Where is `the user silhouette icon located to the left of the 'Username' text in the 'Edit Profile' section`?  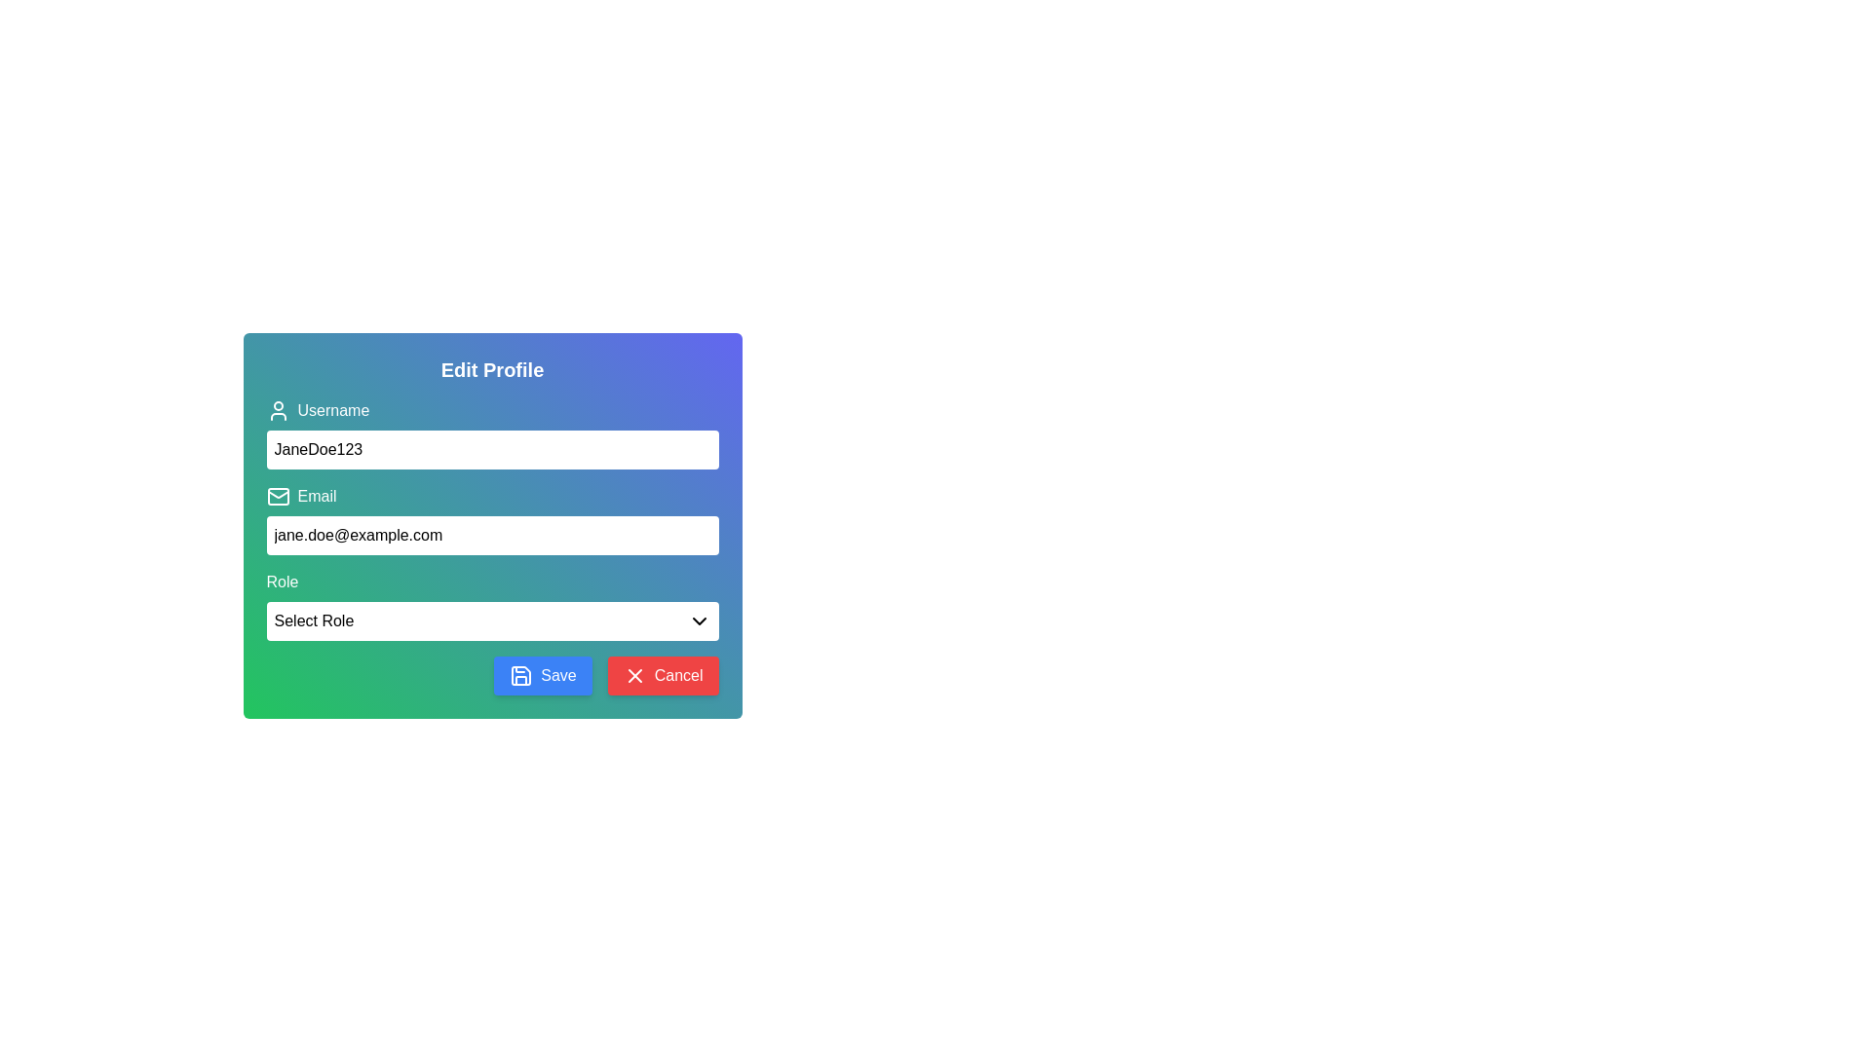
the user silhouette icon located to the left of the 'Username' text in the 'Edit Profile' section is located at coordinates (277, 409).